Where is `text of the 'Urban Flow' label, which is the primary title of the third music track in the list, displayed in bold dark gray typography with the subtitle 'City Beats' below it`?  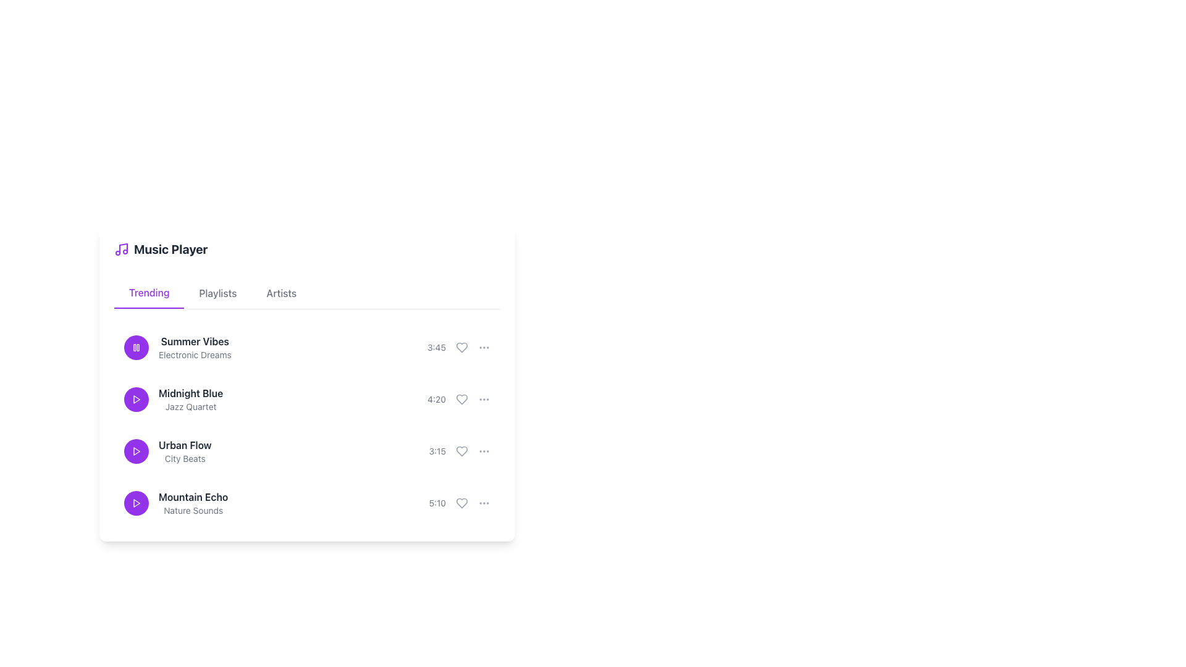
text of the 'Urban Flow' label, which is the primary title of the third music track in the list, displayed in bold dark gray typography with the subtitle 'City Beats' below it is located at coordinates (184, 445).